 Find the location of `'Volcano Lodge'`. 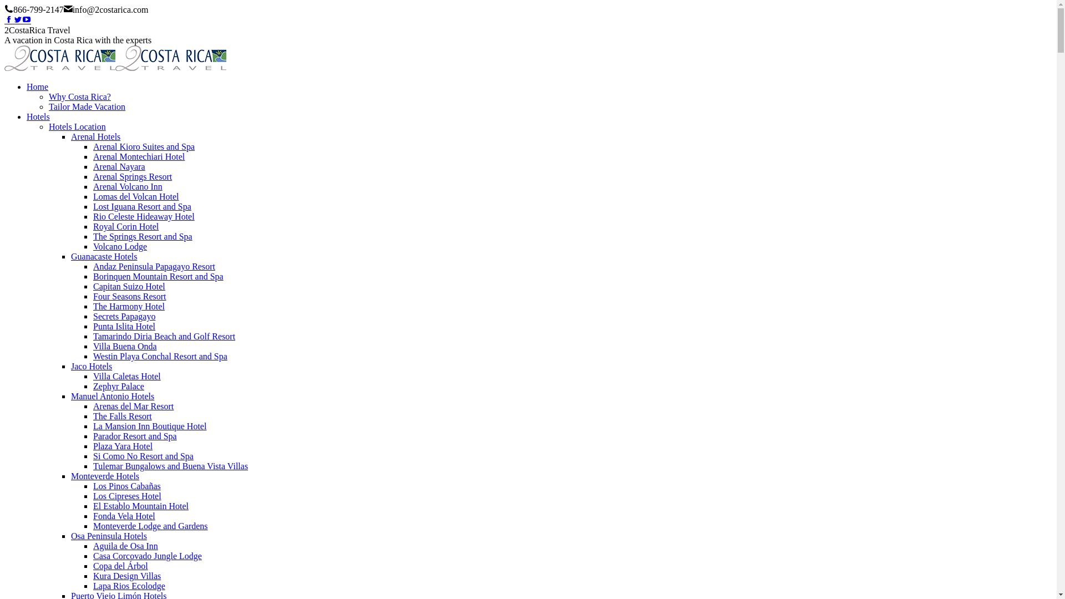

'Volcano Lodge' is located at coordinates (93, 246).